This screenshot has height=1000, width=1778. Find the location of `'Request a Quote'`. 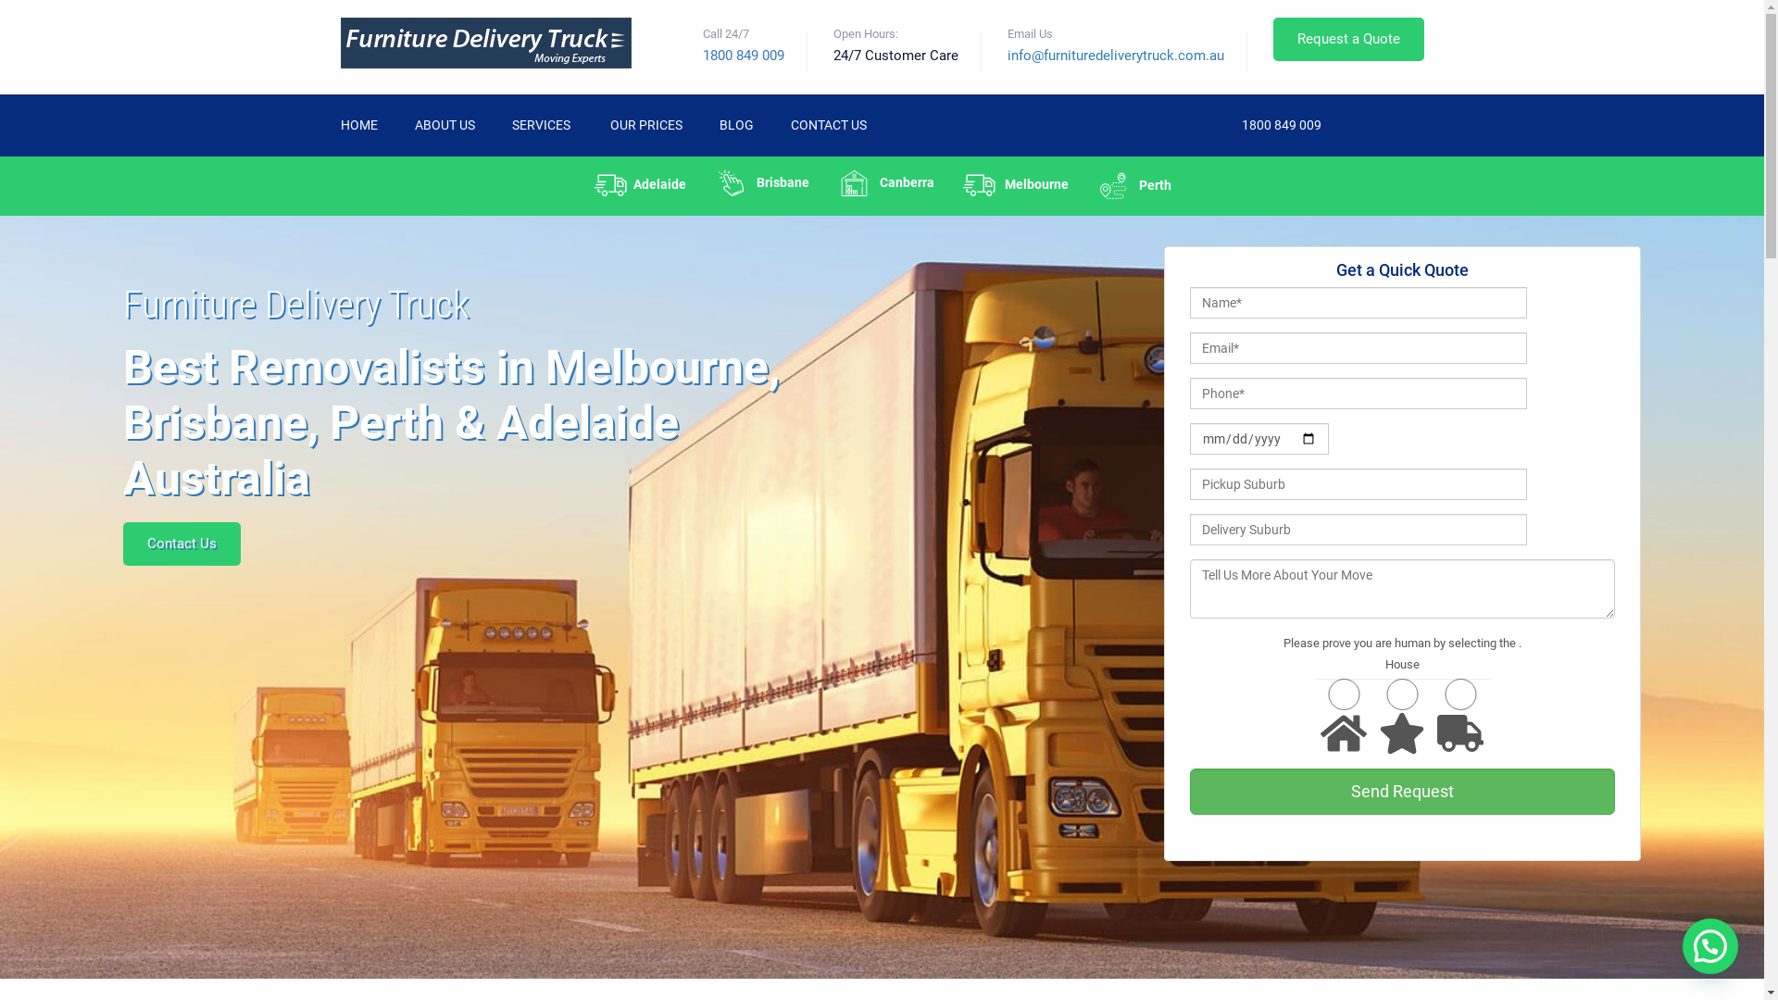

'Request a Quote' is located at coordinates (1347, 39).